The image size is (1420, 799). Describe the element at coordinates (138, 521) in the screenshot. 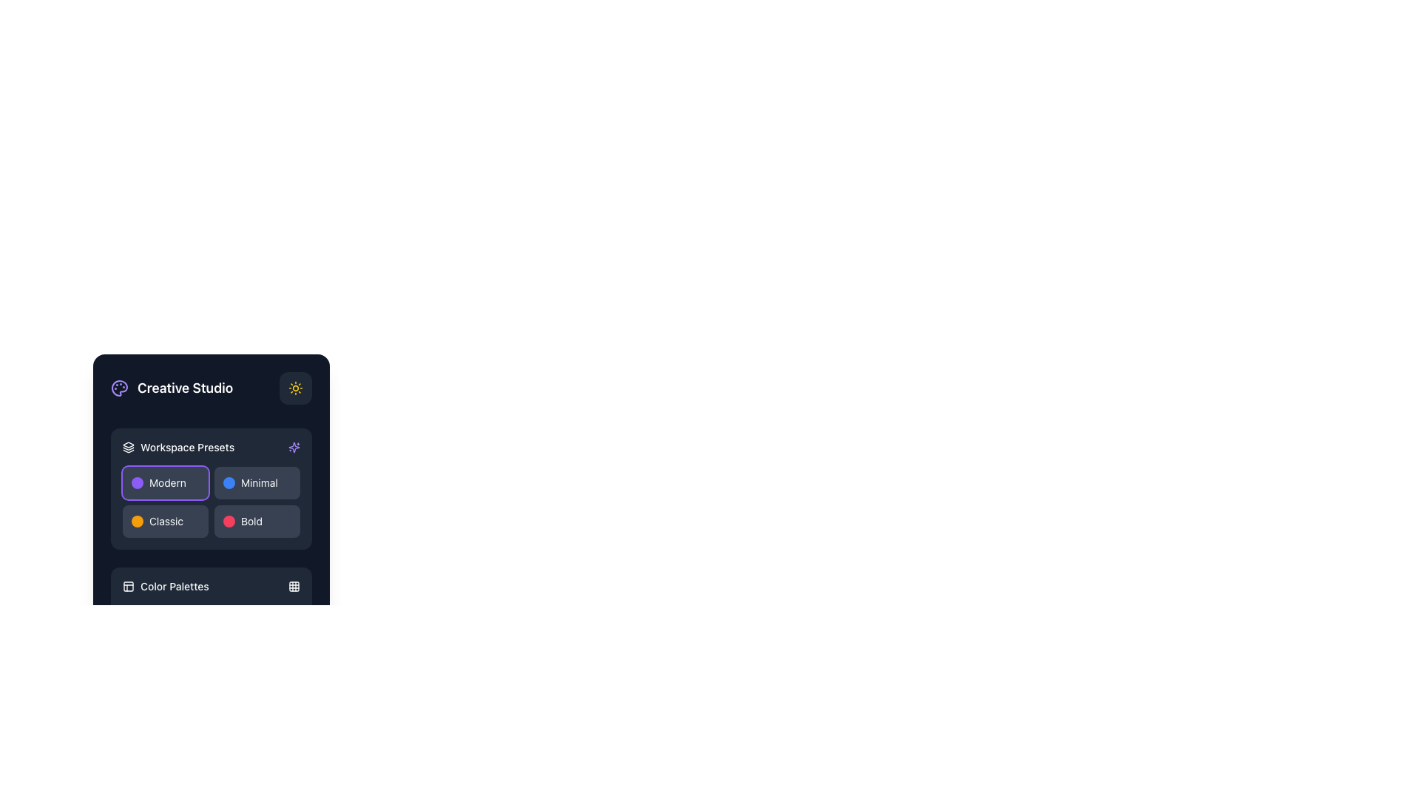

I see `the color indicator located within the 'Classic' button, which represents the color scheme associated with the 'Classic' workspace preset. This element is positioned to the left of the text inside the button, part of a grid of four buttons under the 'Workspace Presets' section` at that location.